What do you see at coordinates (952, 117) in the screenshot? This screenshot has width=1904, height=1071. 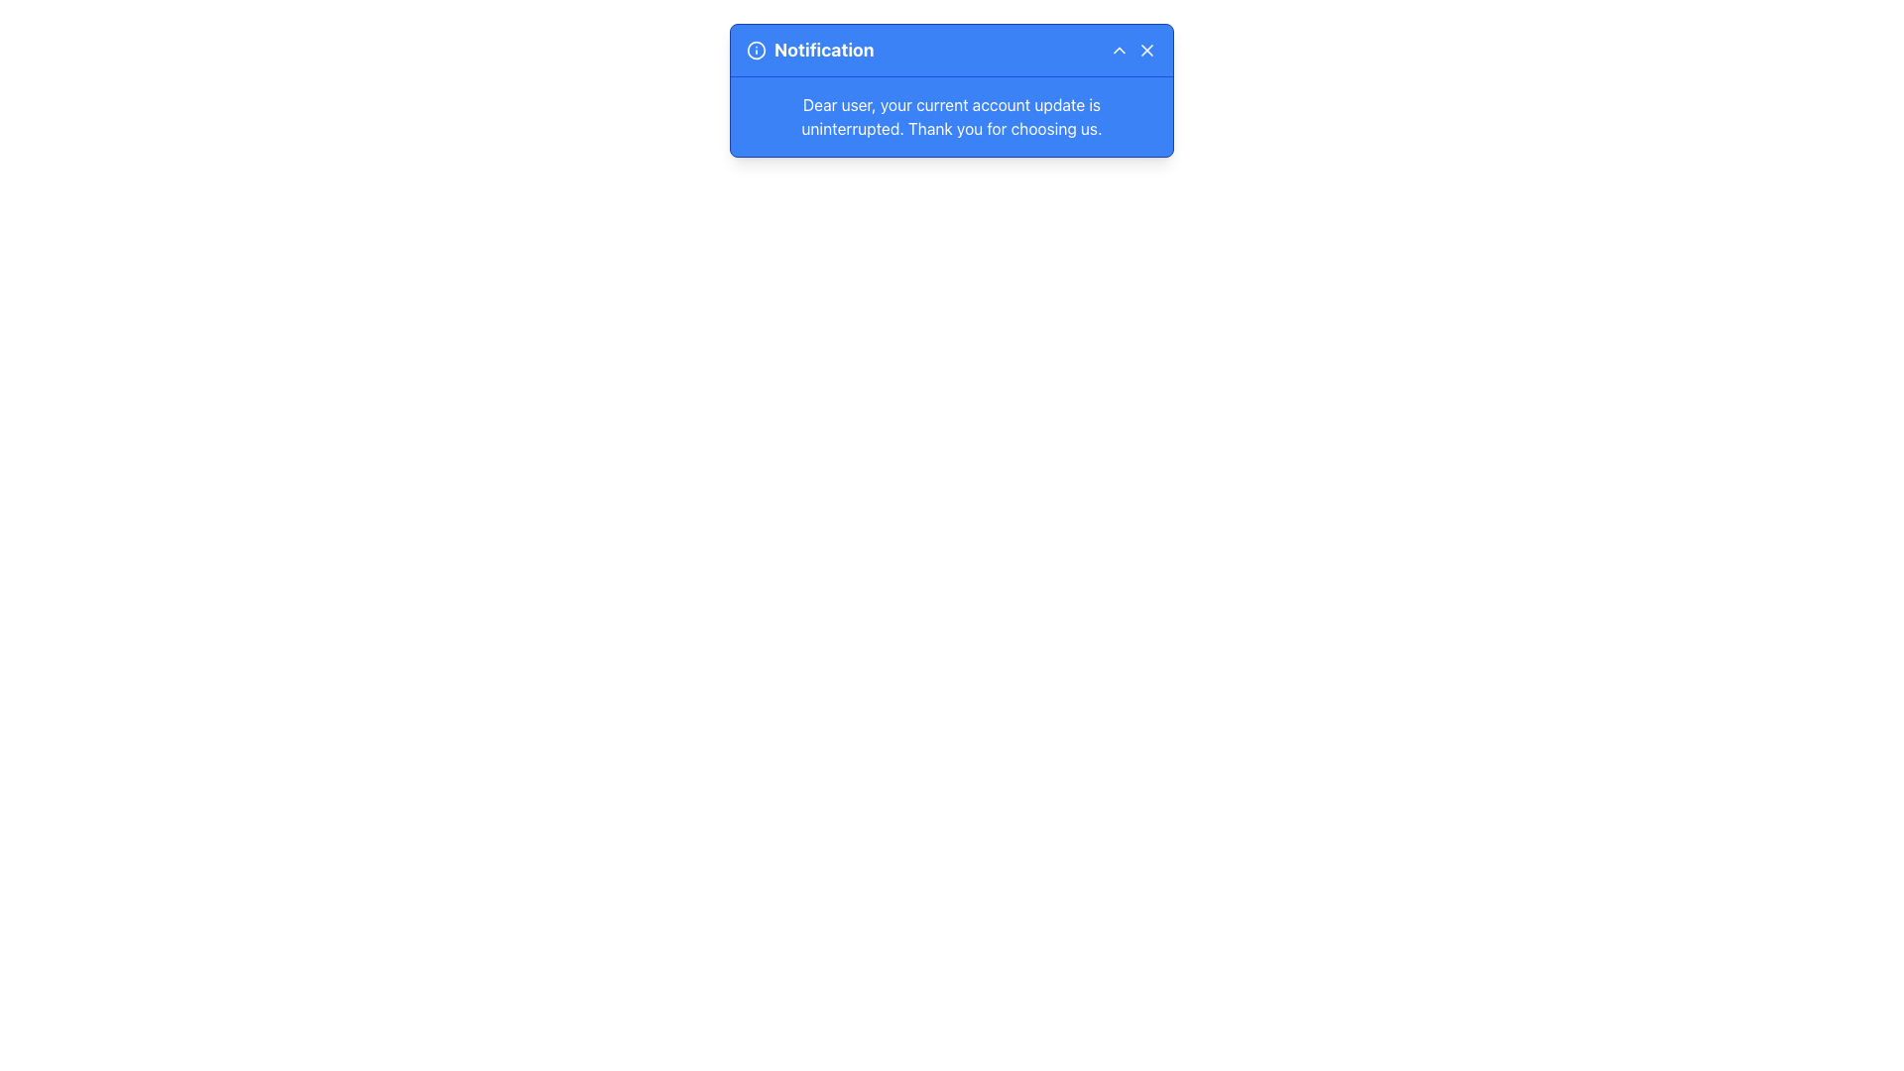 I see `the centered text block that reads 'Dear user, your current account update is uninterrupted. Thank you for choosing us.' within the blue notification box` at bounding box center [952, 117].